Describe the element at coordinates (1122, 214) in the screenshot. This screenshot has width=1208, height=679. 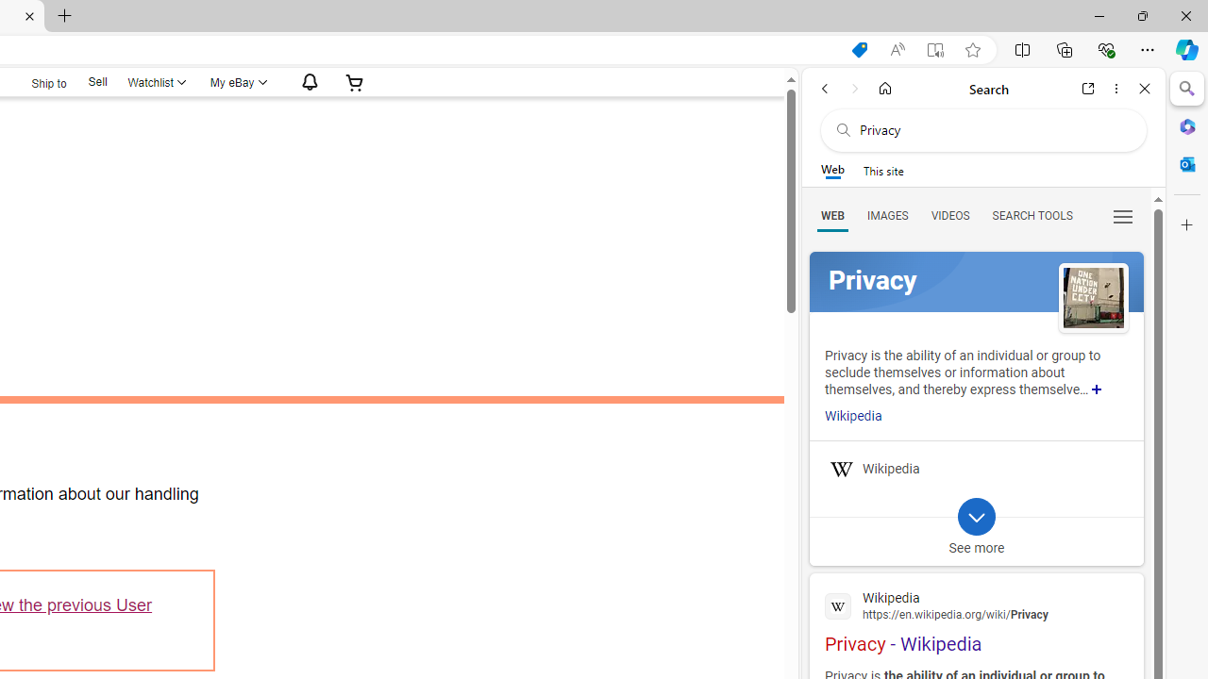
I see `'Preferences'` at that location.